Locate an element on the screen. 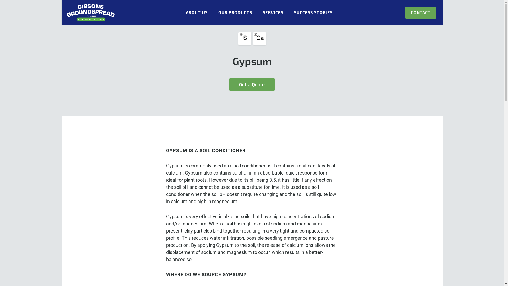  'OUR PRODUCTS' is located at coordinates (235, 12).